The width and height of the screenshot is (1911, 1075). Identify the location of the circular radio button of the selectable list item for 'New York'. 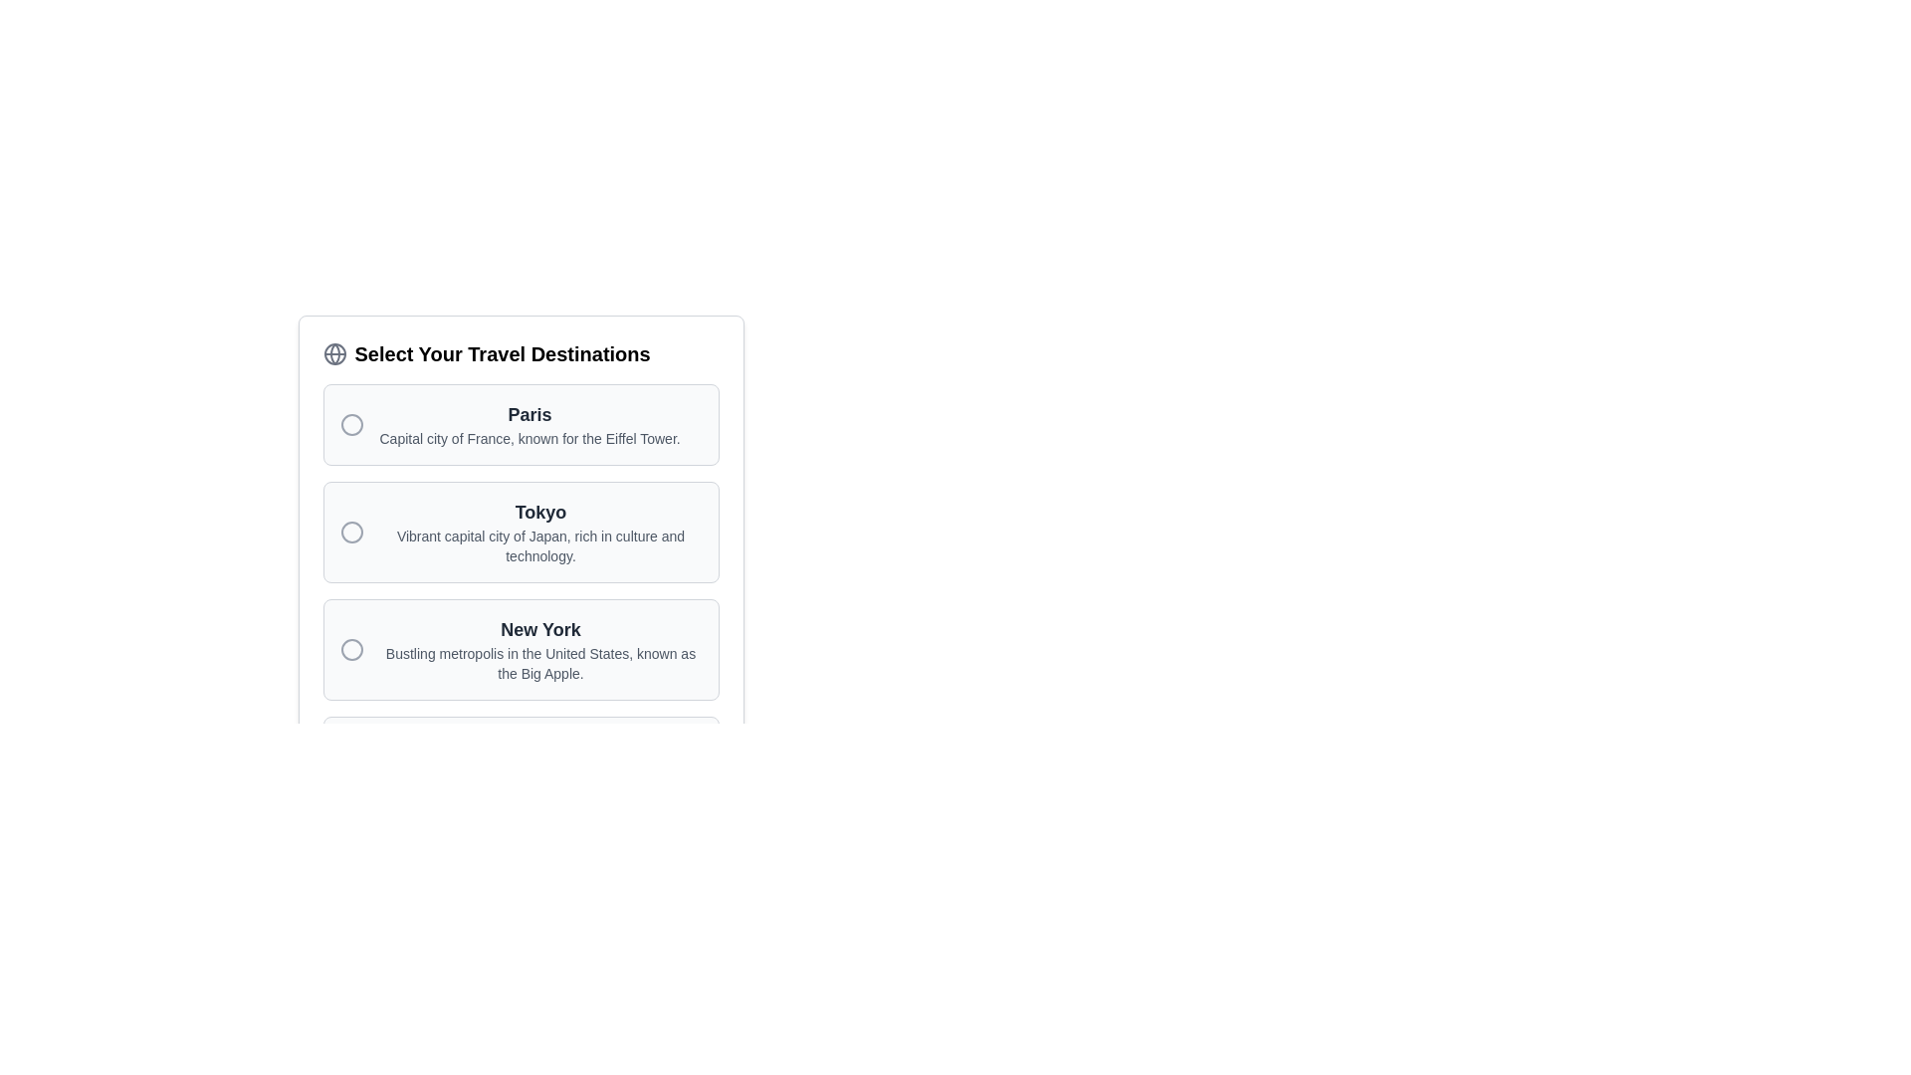
(521, 649).